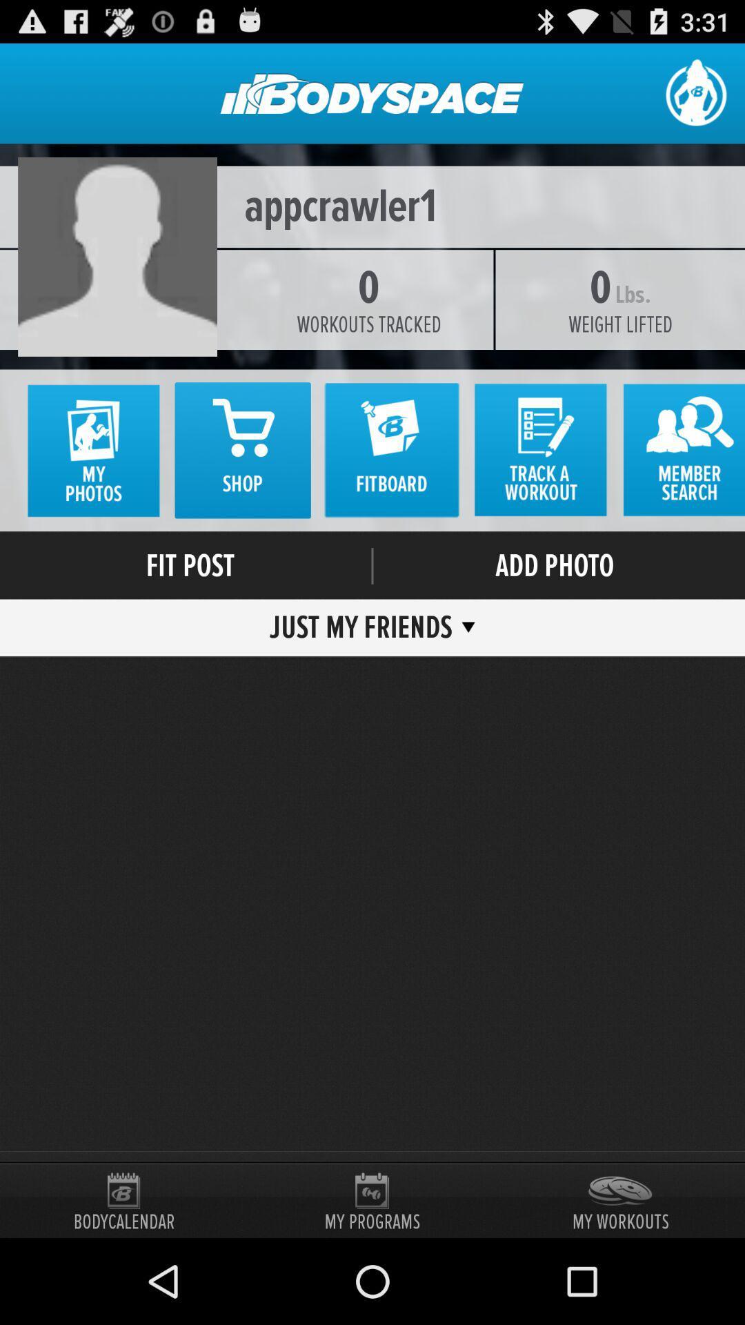 The height and width of the screenshot is (1325, 745). Describe the element at coordinates (633, 294) in the screenshot. I see `the item below appcrawler1 item` at that location.